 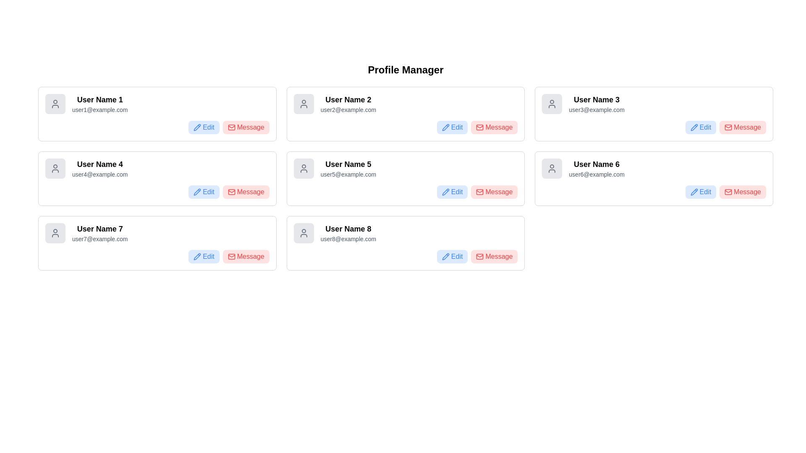 What do you see at coordinates (494, 256) in the screenshot?
I see `the red button labeled 'Message' with an envelope icon, located in the lower-right corner of the panel for 'User Name 8'` at bounding box center [494, 256].